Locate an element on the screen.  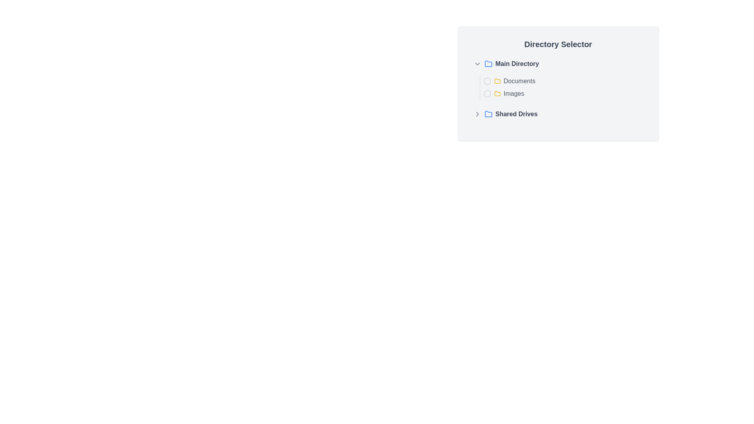
the 'Shared Drives' icon, which is the third element in the navigation list and serves as a visual symbol for the directory is located at coordinates (488, 114).